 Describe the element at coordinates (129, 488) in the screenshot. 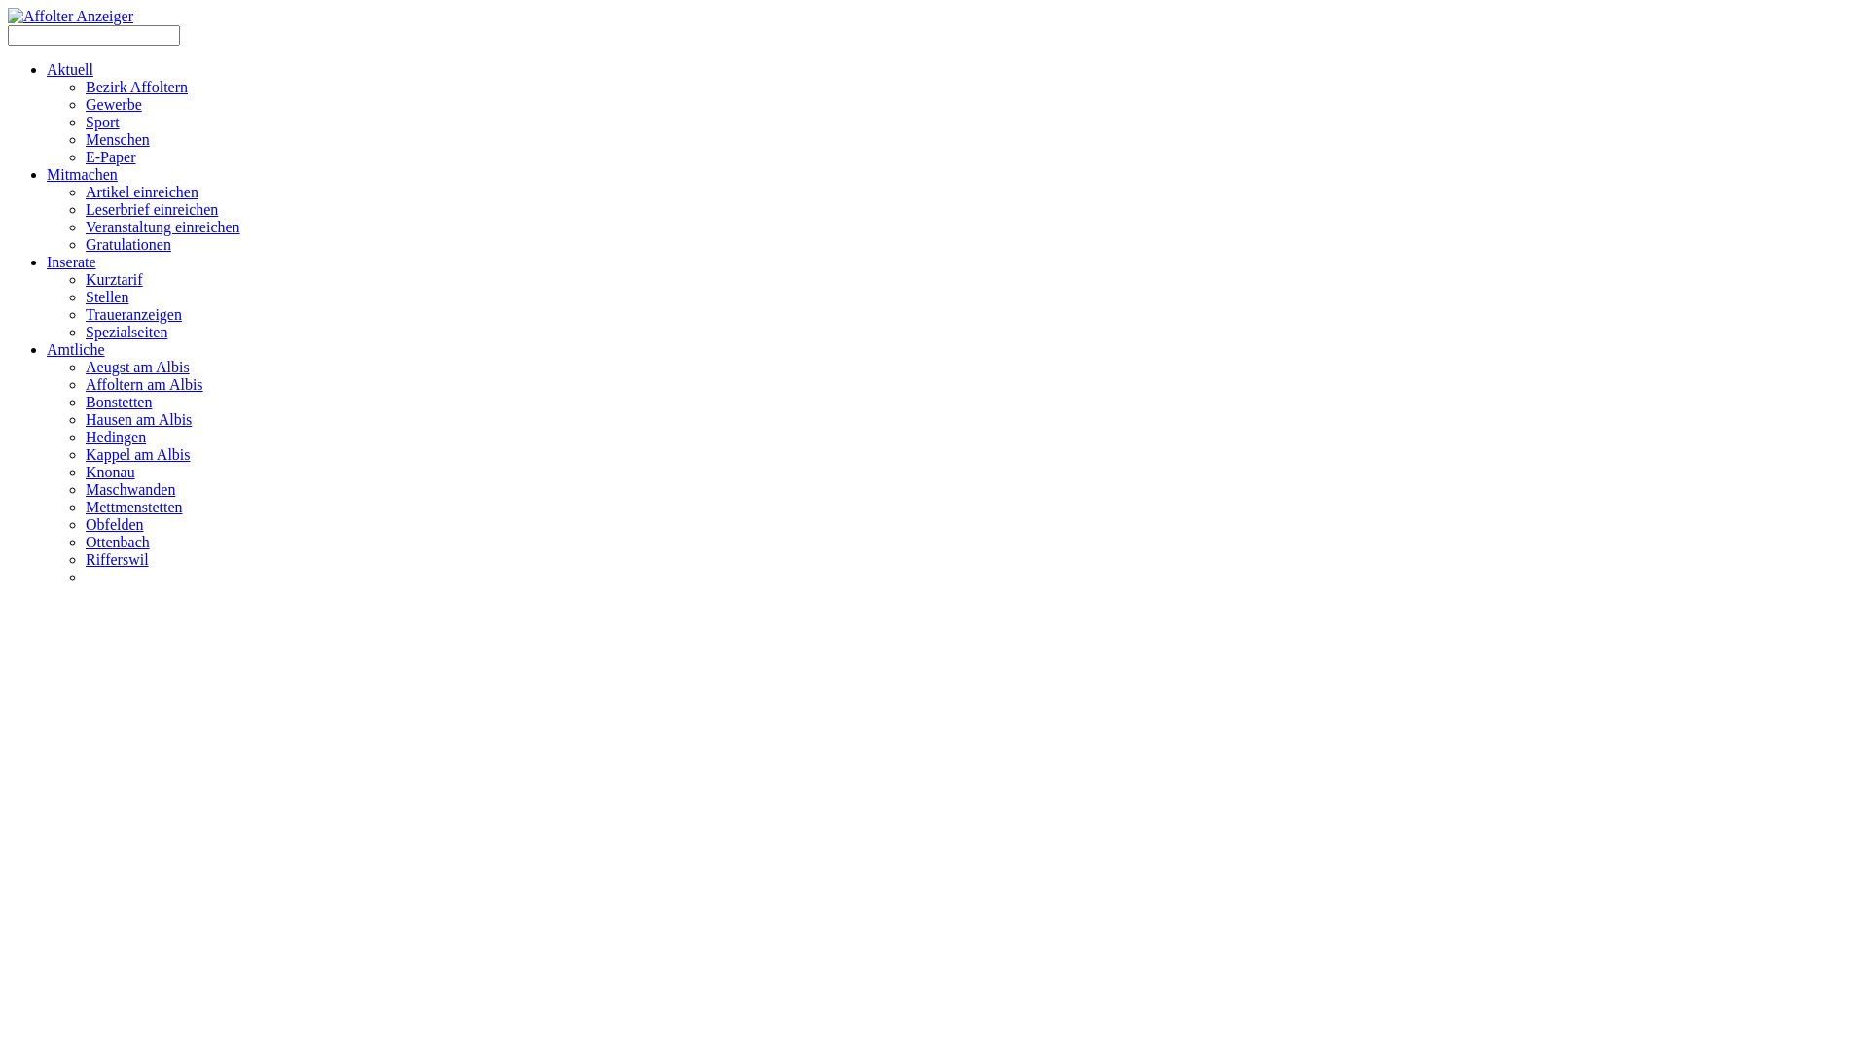

I see `'Maschwanden'` at that location.